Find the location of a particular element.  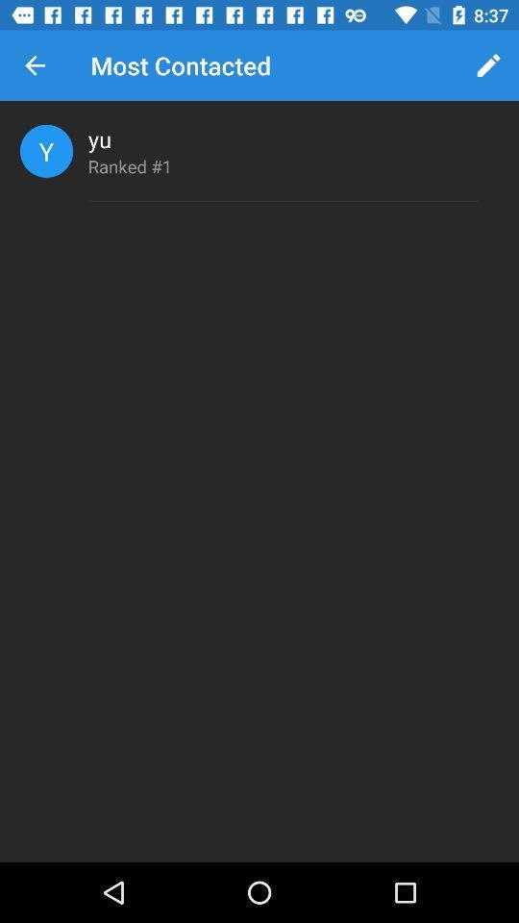

the item to the left of yu item is located at coordinates (46, 150).